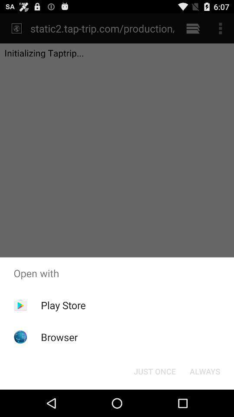  I want to click on icon to the right of just once button, so click(205, 371).